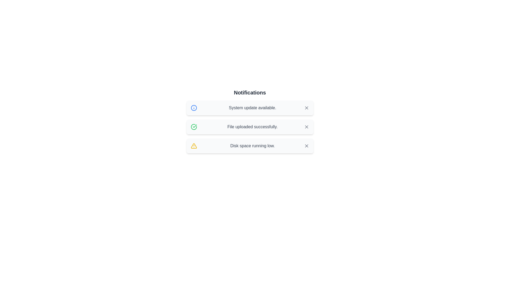 The image size is (508, 285). What do you see at coordinates (193, 127) in the screenshot?
I see `the small green circular icon with a checkmark design located next to the notification text 'File uploaded successfully'` at bounding box center [193, 127].